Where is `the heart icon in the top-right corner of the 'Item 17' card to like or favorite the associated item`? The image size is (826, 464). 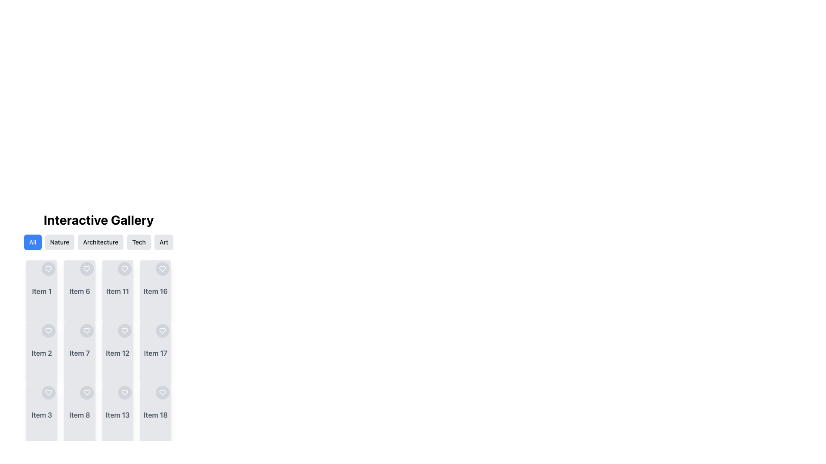 the heart icon in the top-right corner of the 'Item 17' card to like or favorite the associated item is located at coordinates (163, 330).